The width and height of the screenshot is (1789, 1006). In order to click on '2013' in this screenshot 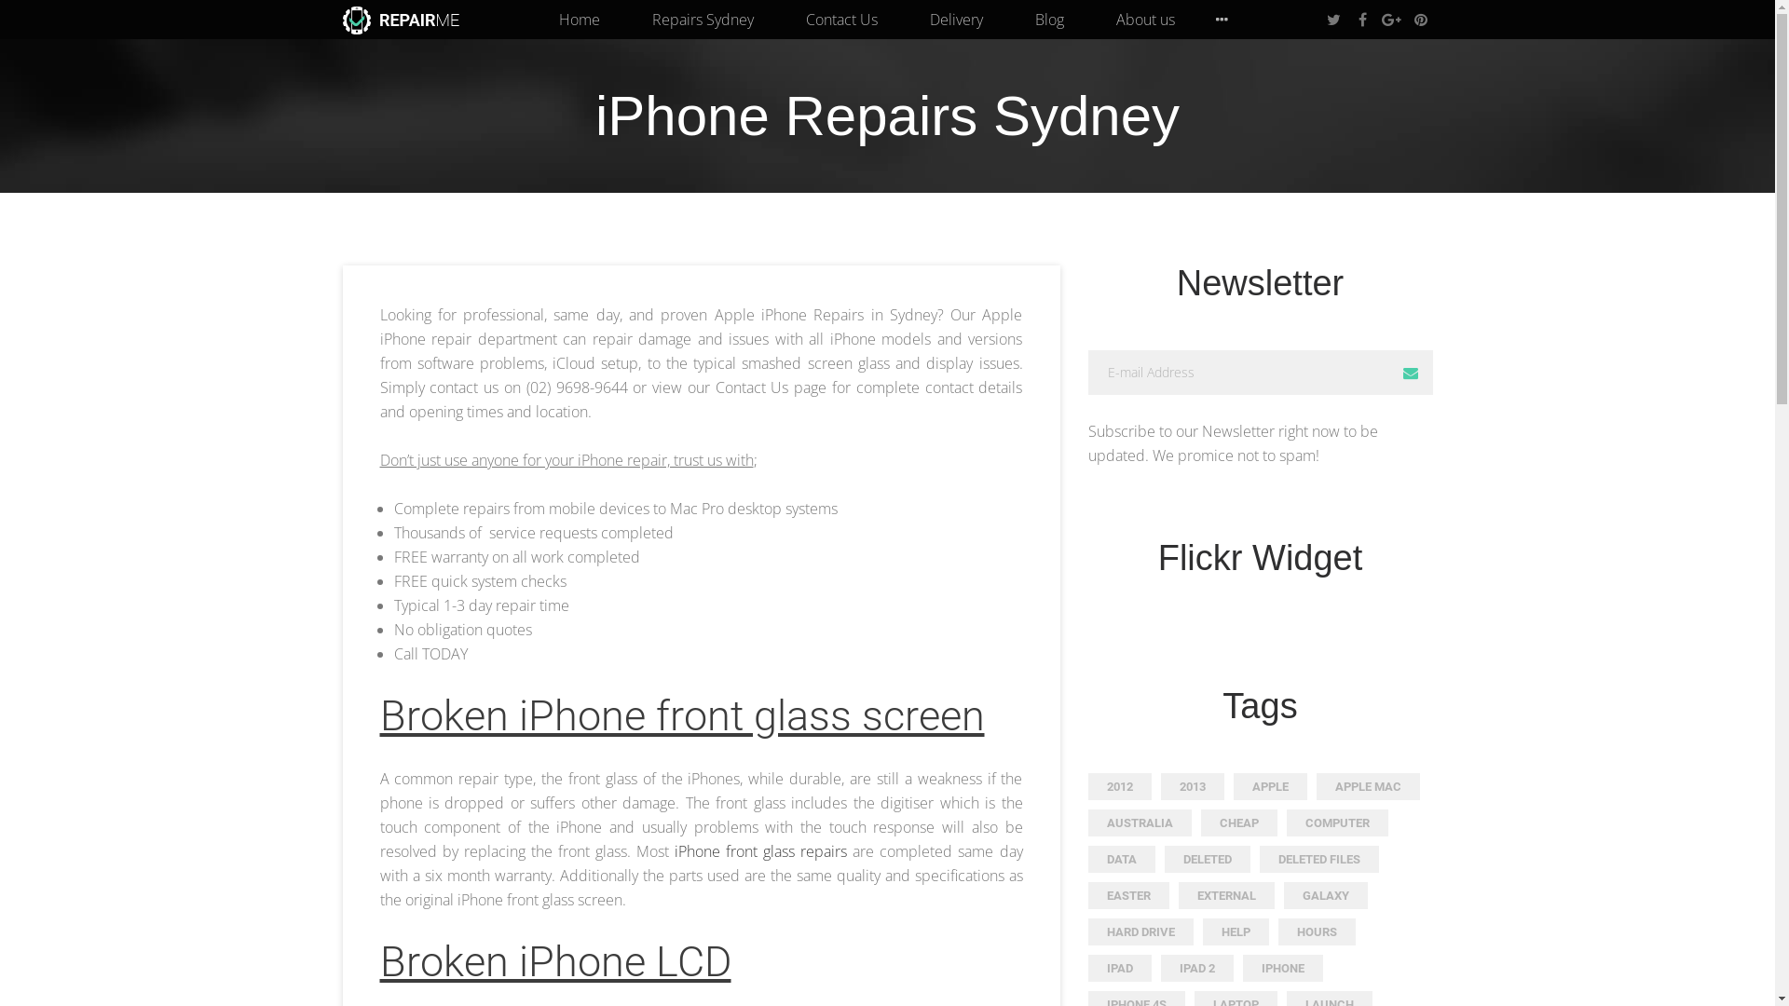, I will do `click(1193, 786)`.